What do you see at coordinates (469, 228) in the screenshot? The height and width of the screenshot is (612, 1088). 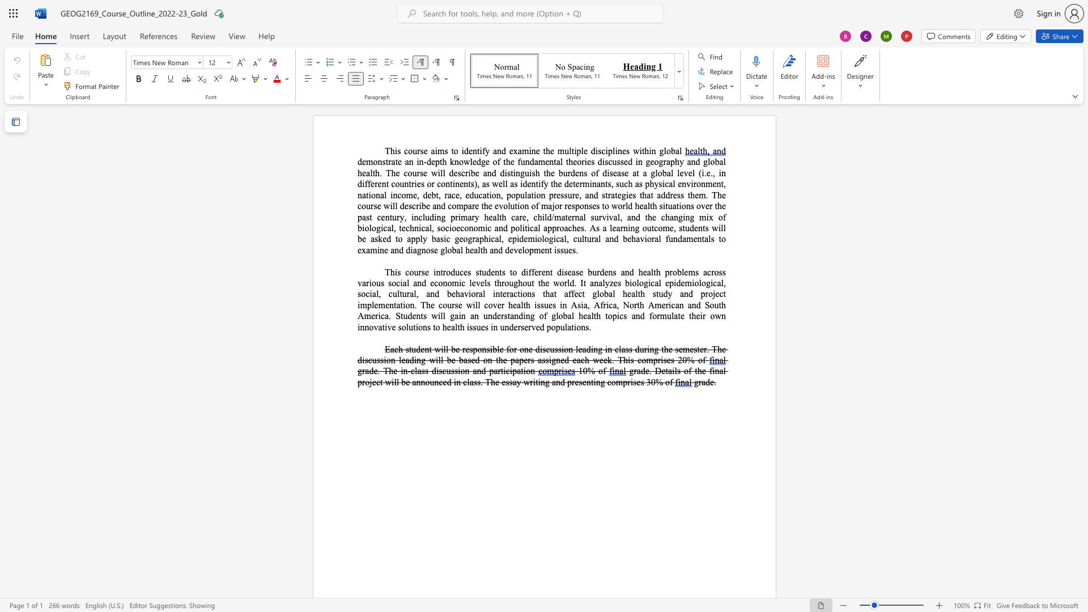 I see `the space between the continuous character "o" and "n" in the text` at bounding box center [469, 228].